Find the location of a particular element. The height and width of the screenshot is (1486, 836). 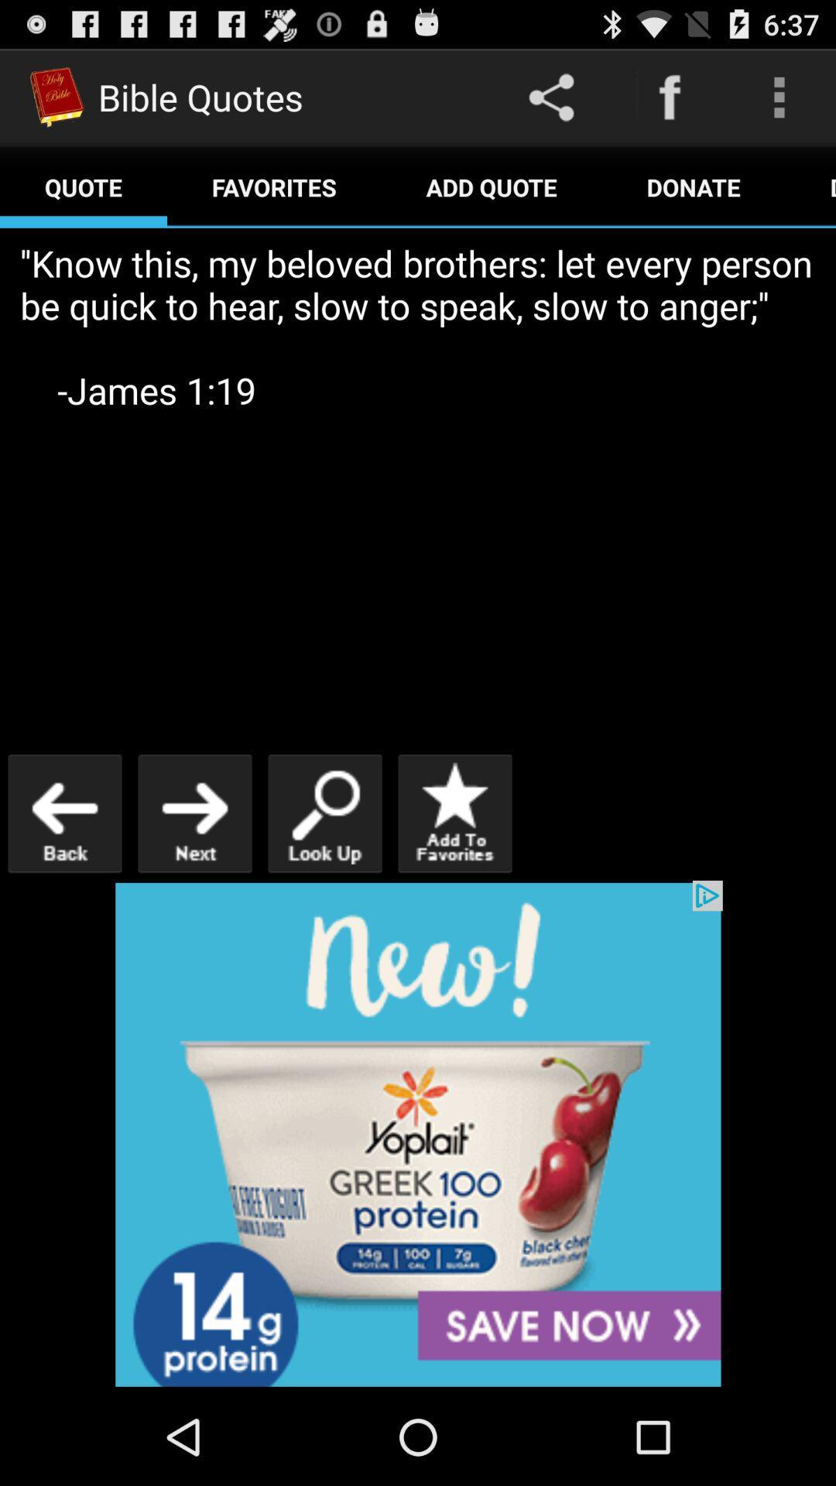

next page is located at coordinates (194, 813).